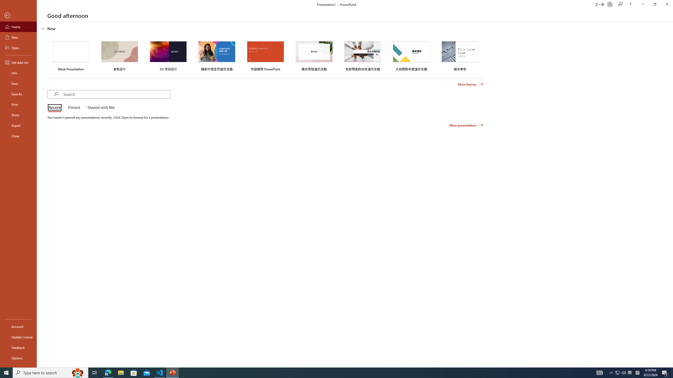 This screenshot has width=673, height=378. What do you see at coordinates (18, 37) in the screenshot?
I see `'New'` at bounding box center [18, 37].